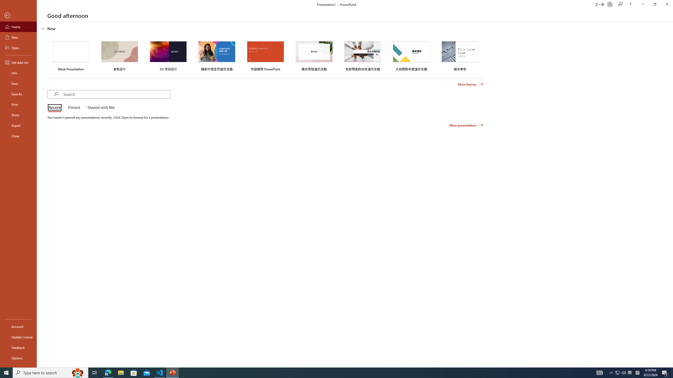 This screenshot has width=673, height=378. What do you see at coordinates (18, 37) in the screenshot?
I see `'New'` at bounding box center [18, 37].